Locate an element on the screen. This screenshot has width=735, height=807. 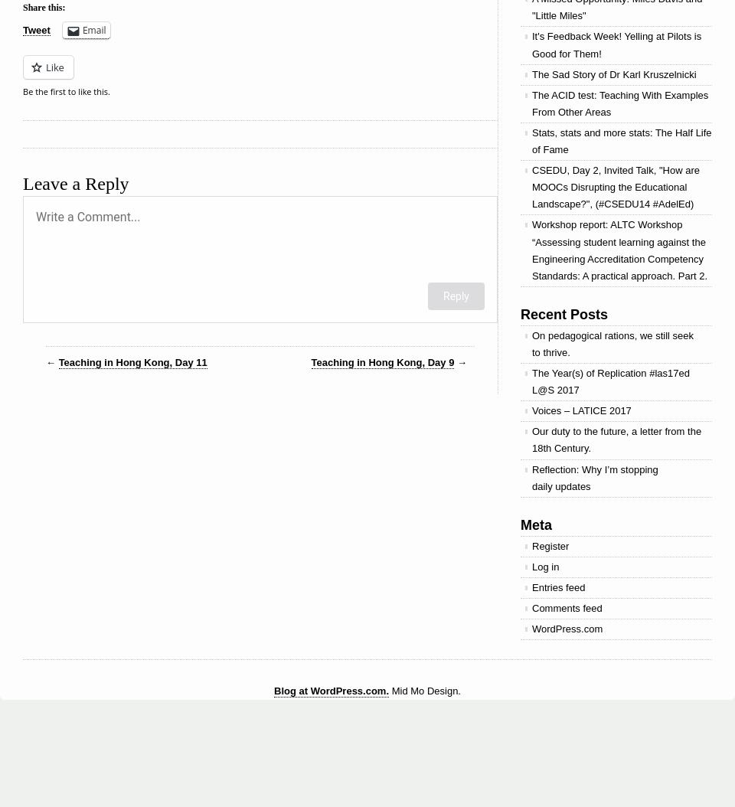
'Teaching in Hong Kong, Day 11' is located at coordinates (131, 362).